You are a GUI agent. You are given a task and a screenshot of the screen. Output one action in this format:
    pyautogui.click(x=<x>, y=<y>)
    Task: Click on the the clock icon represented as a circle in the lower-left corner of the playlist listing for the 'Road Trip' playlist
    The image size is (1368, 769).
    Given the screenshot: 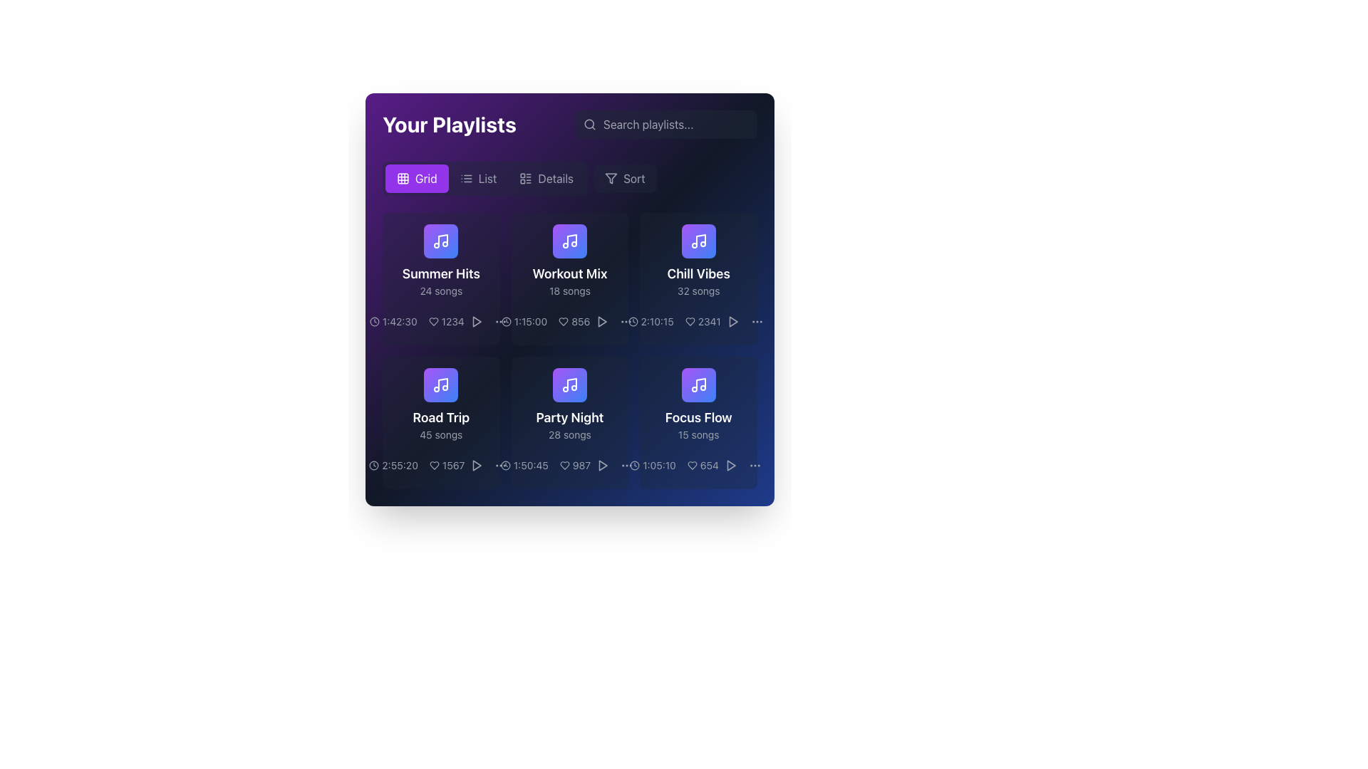 What is the action you would take?
    pyautogui.click(x=374, y=466)
    